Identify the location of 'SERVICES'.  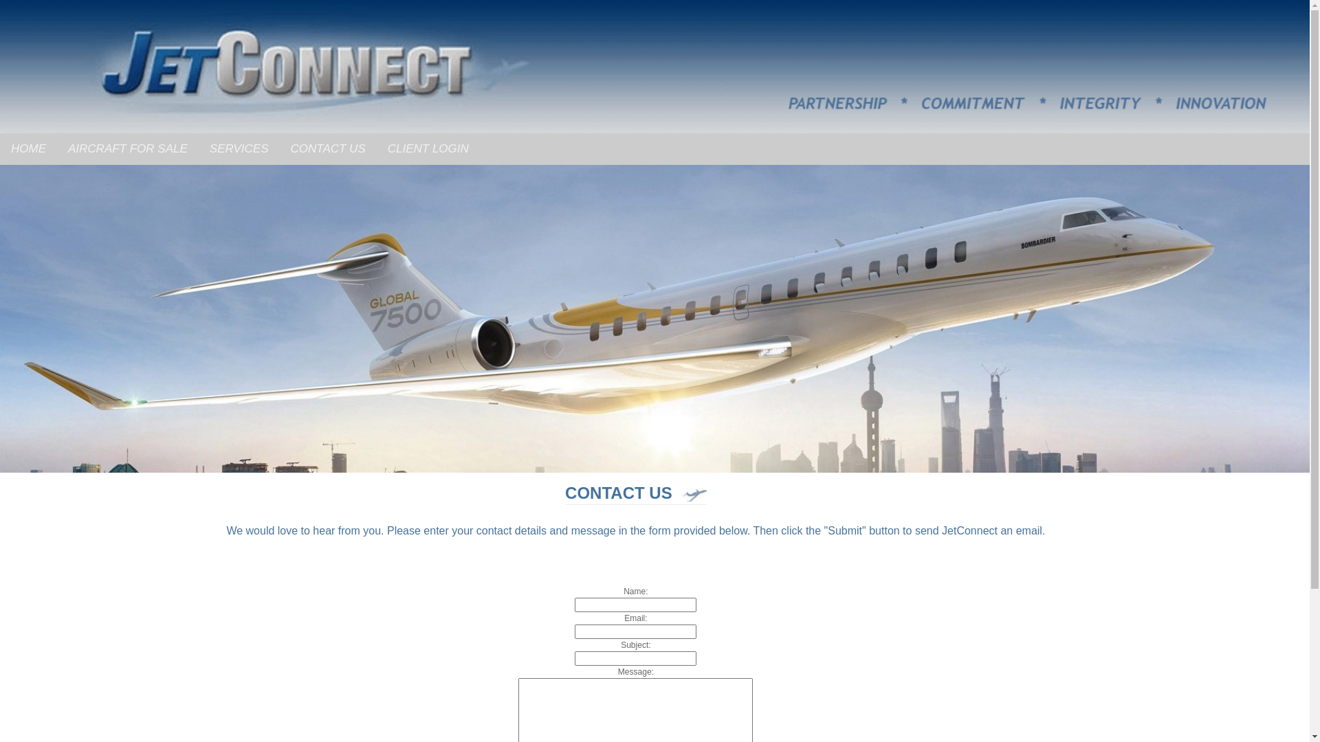
(239, 148).